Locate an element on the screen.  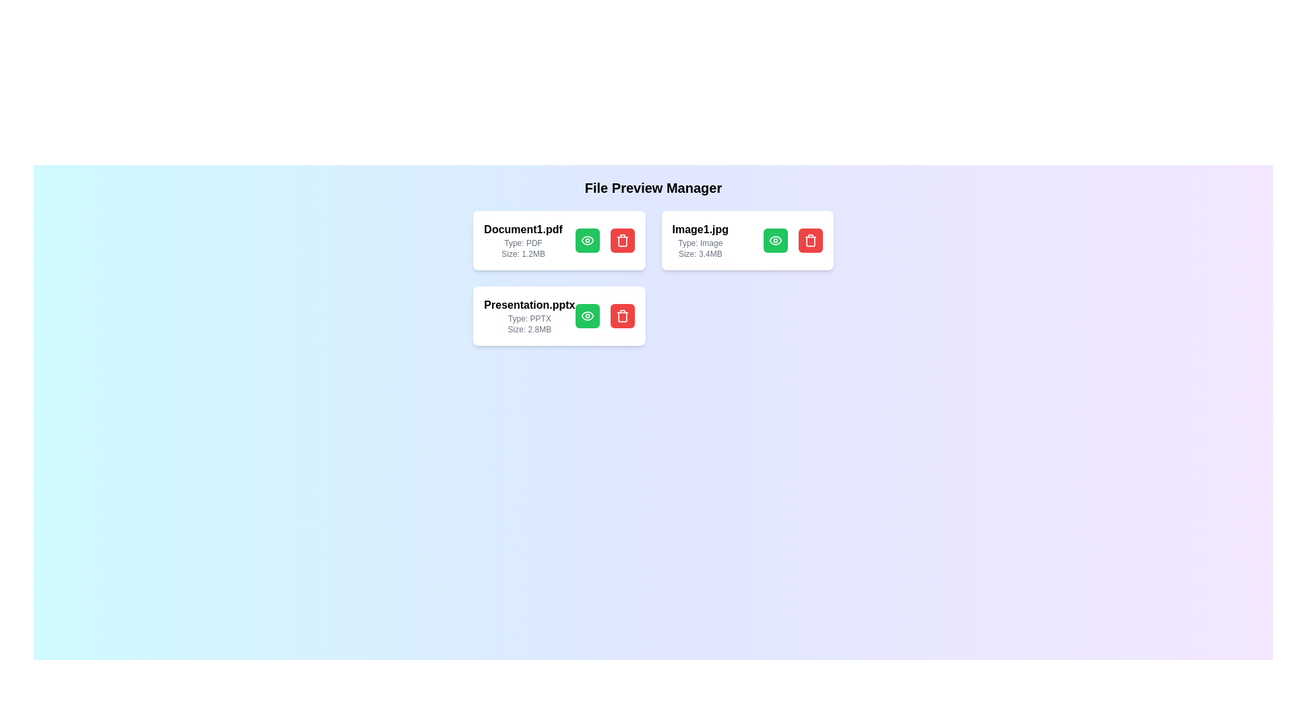
the button to the left of the red trash icon button is located at coordinates (775, 240).